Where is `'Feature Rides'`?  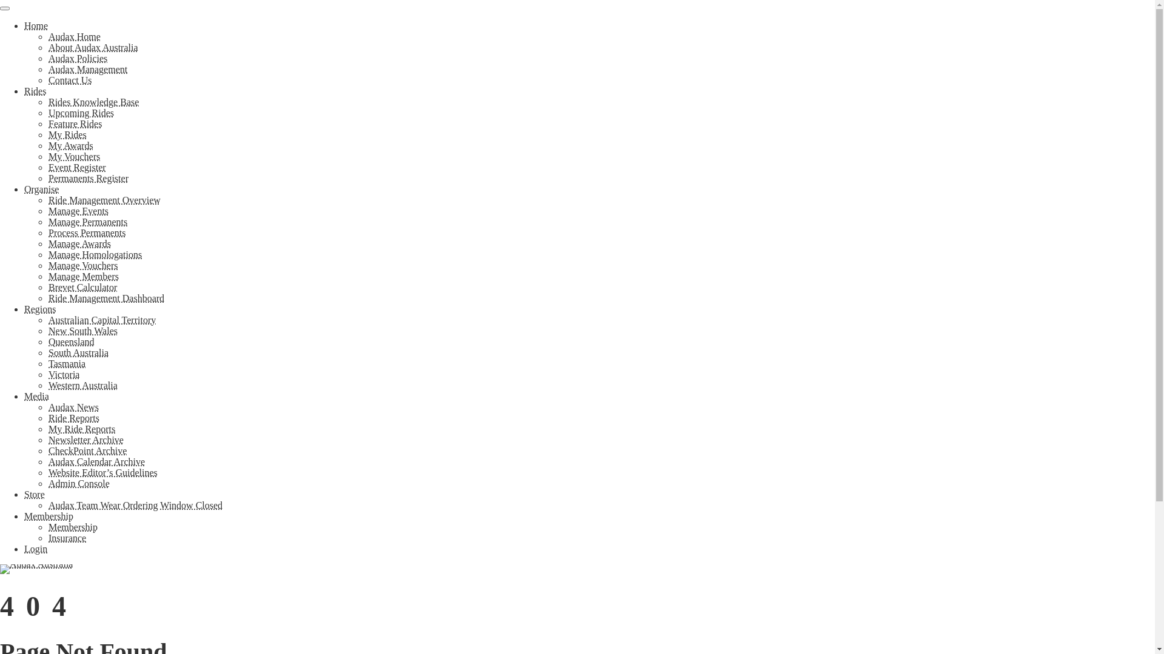 'Feature Rides' is located at coordinates (75, 124).